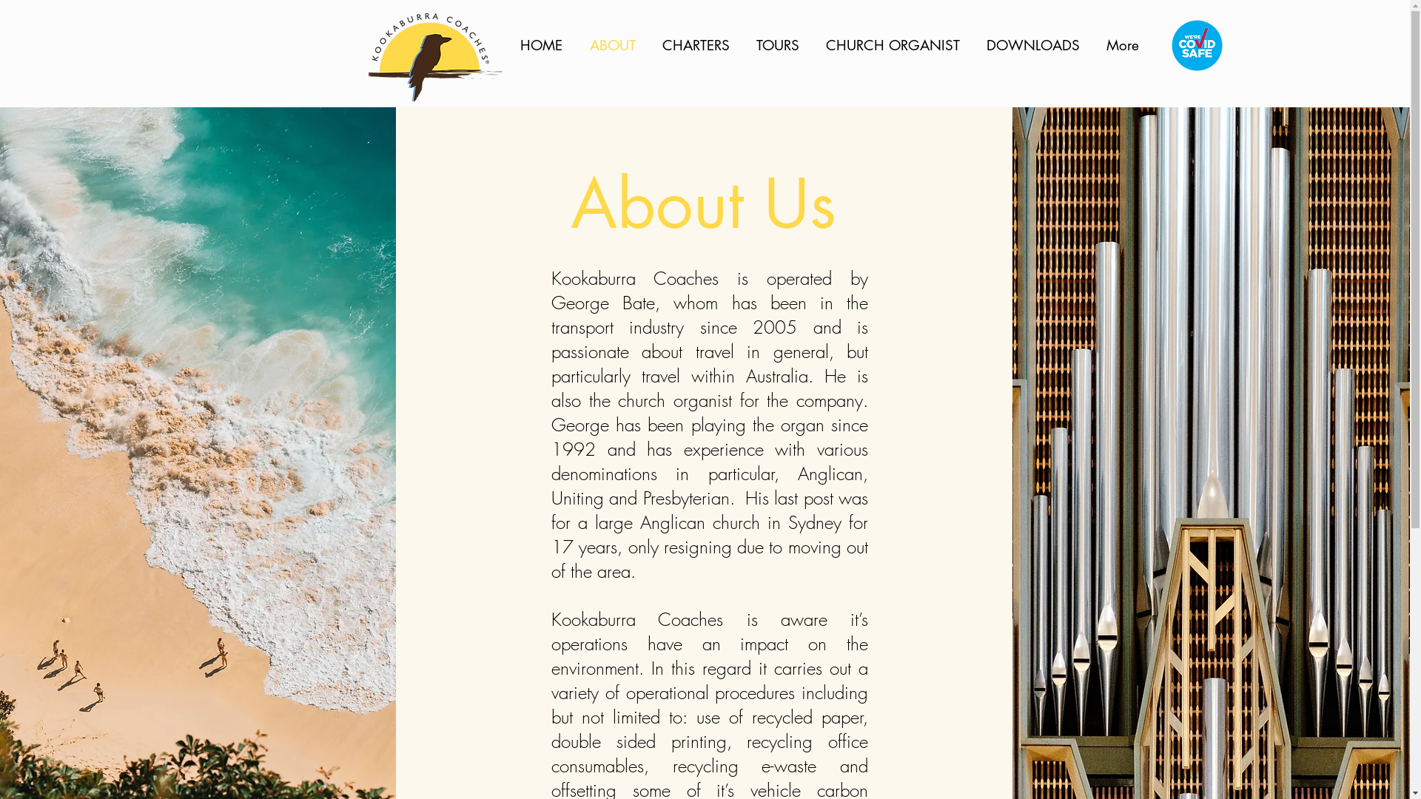 The width and height of the screenshot is (1421, 799). Describe the element at coordinates (778, 44) in the screenshot. I see `'TOURS'` at that location.